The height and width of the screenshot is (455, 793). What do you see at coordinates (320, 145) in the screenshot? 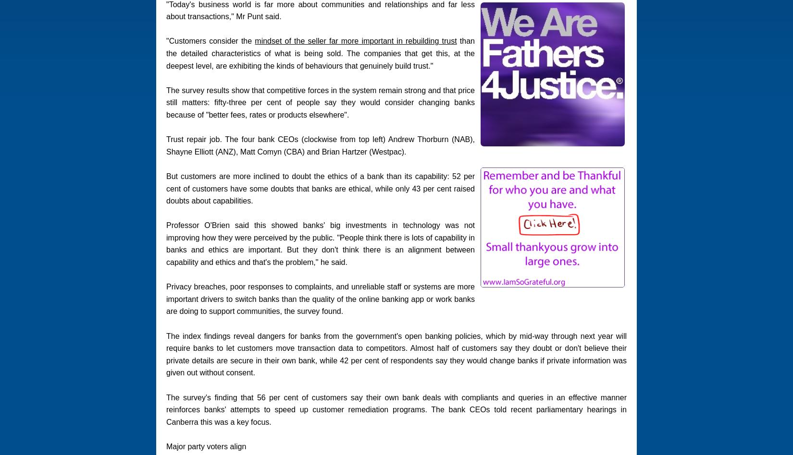
I see `'Trust repair job. The four bank CEOs (clockwise from top left) Andrew Thorburn (NAB), Shayne Elliott (ANZ), Matt Comyn (CBA) and Brian Hartzer (Westpac).'` at bounding box center [320, 145].